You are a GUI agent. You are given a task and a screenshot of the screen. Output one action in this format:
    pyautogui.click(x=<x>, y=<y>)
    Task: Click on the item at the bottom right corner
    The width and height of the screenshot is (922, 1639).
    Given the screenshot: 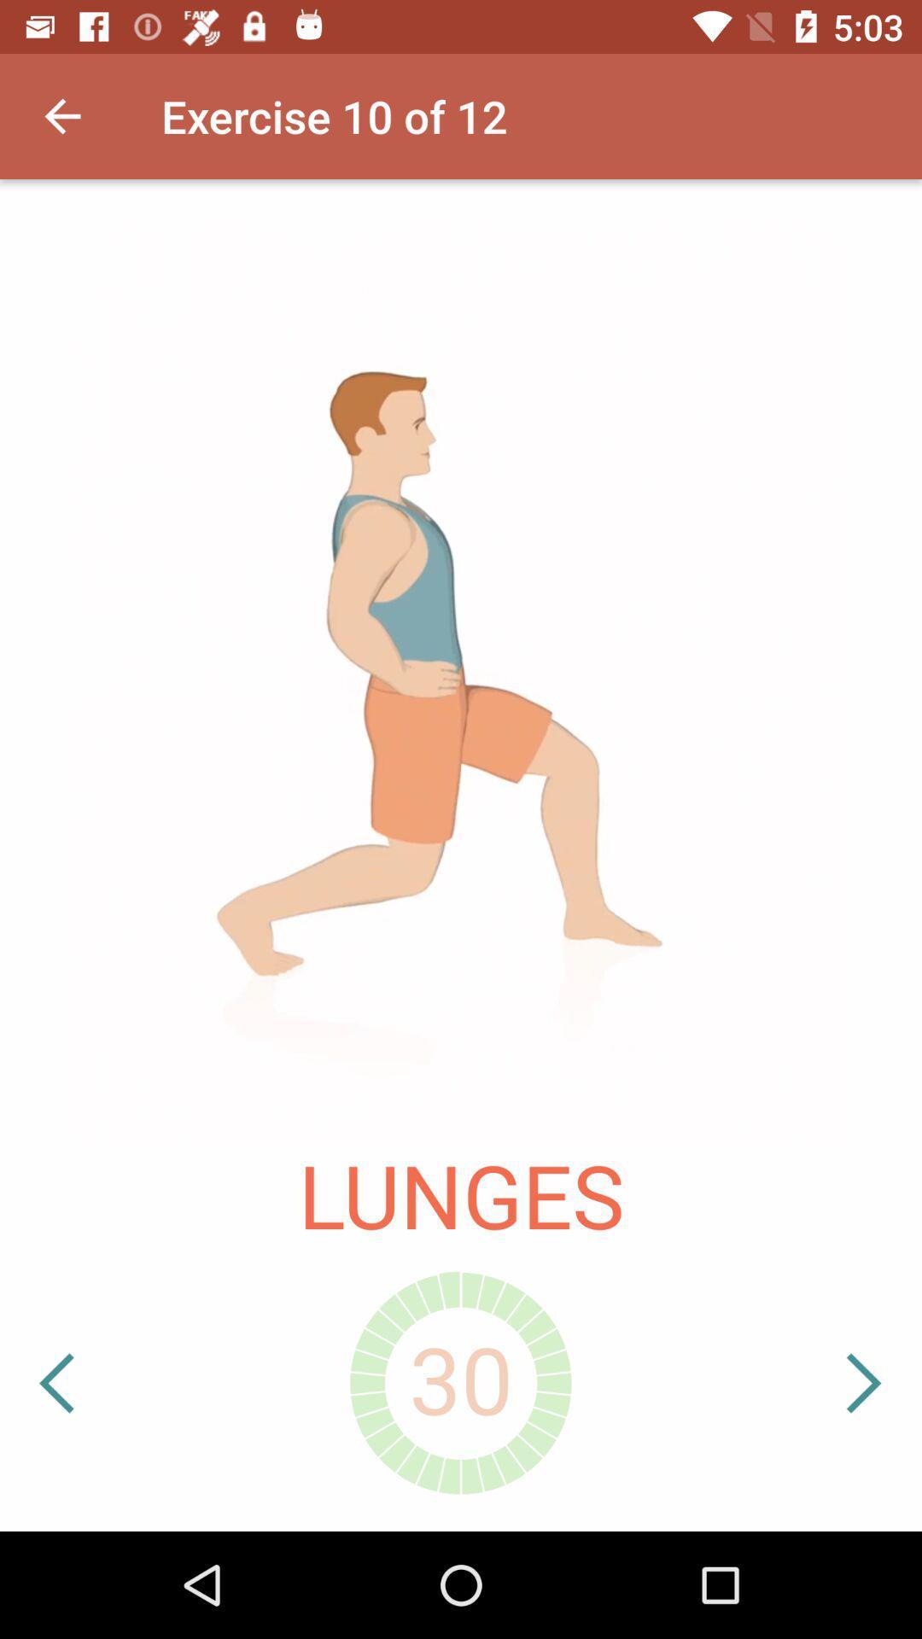 What is the action you would take?
    pyautogui.click(x=811, y=1383)
    